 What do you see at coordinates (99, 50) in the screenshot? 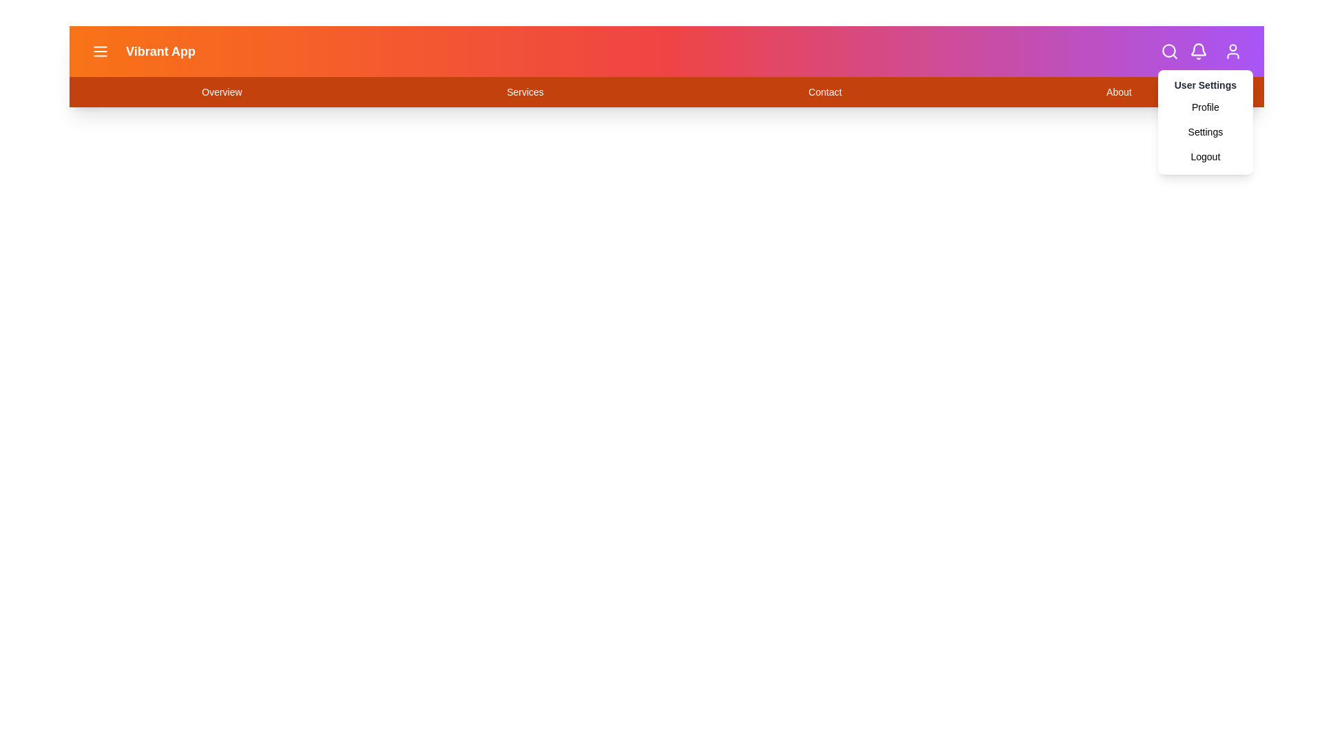
I see `menu button to toggle the menu visibility` at bounding box center [99, 50].